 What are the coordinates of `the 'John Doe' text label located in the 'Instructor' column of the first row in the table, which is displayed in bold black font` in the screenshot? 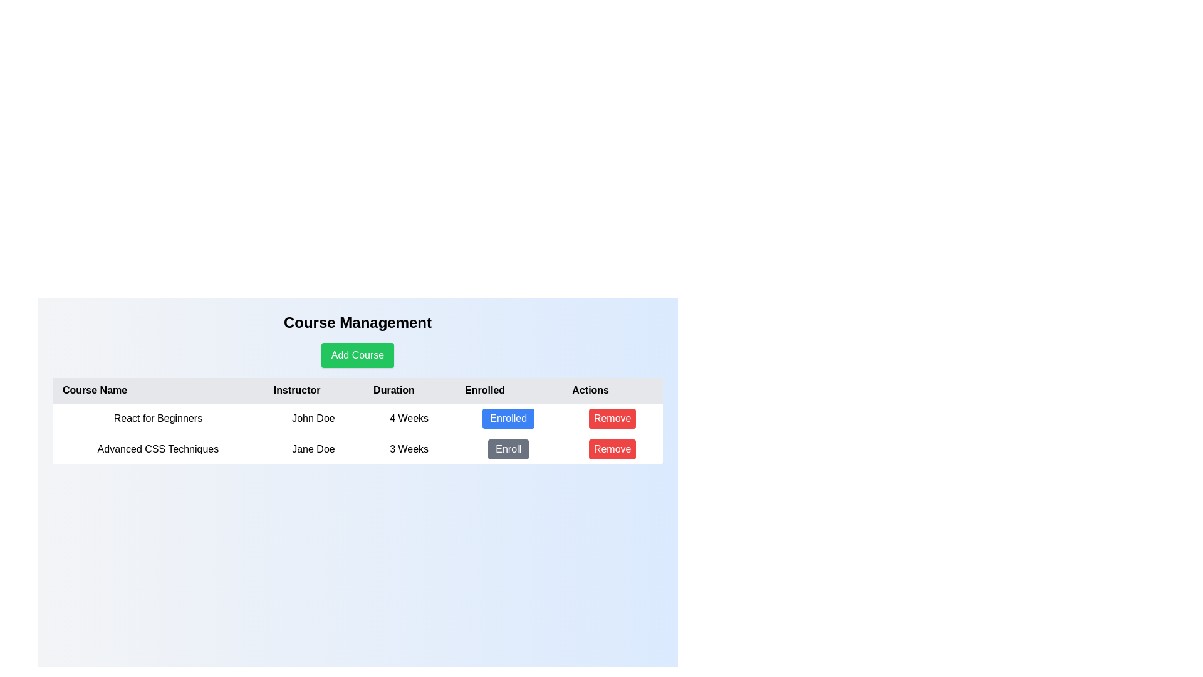 It's located at (313, 418).